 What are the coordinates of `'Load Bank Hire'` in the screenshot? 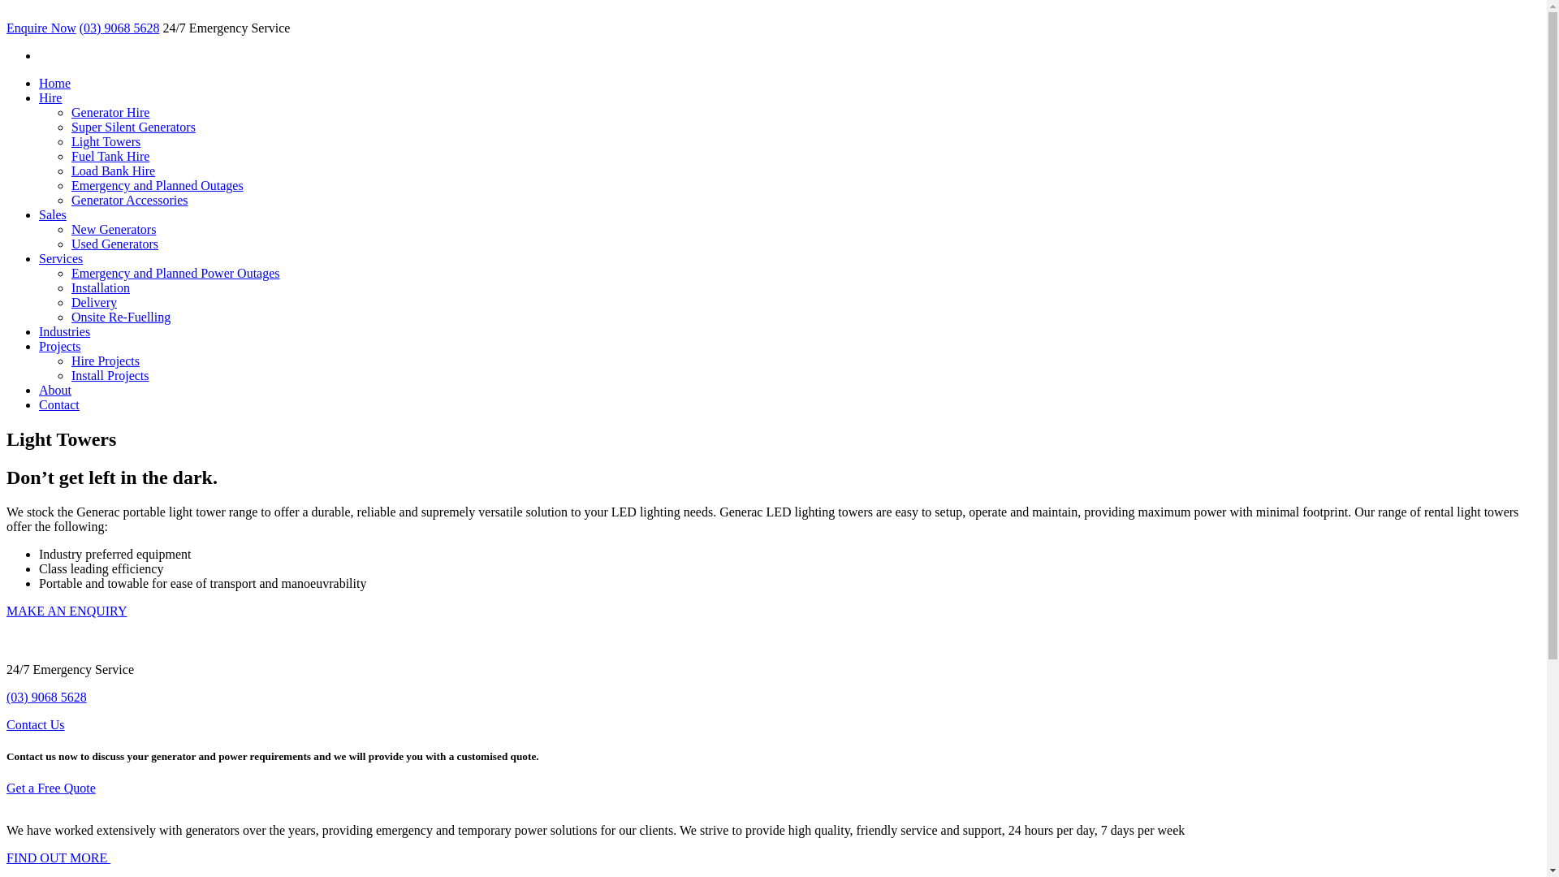 It's located at (112, 171).